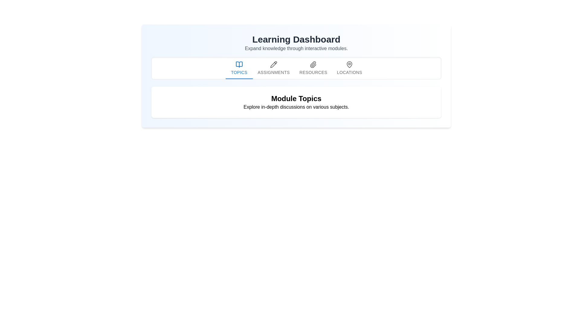 This screenshot has height=326, width=580. What do you see at coordinates (350, 65) in the screenshot?
I see `the 'Locations' tab in the navigation bar, which contains a map pin-like icon` at bounding box center [350, 65].